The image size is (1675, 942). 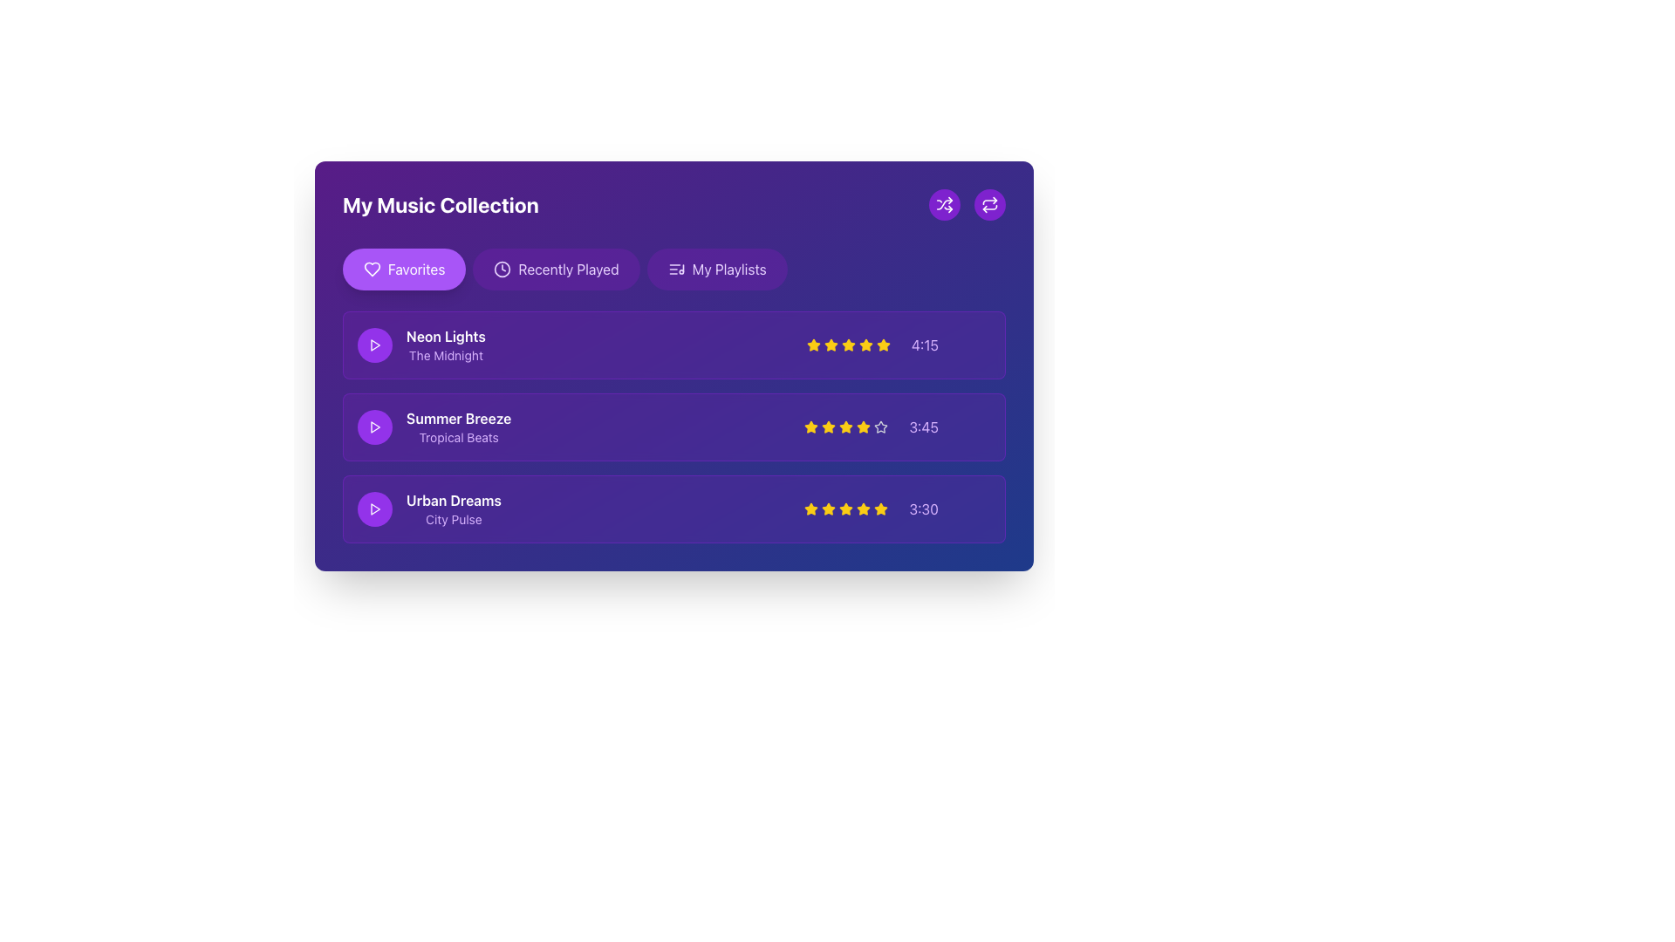 I want to click on the main heading or title text of the music collection management interface, which is centered at the top left of the application and appears above interactive elements, so click(x=441, y=204).